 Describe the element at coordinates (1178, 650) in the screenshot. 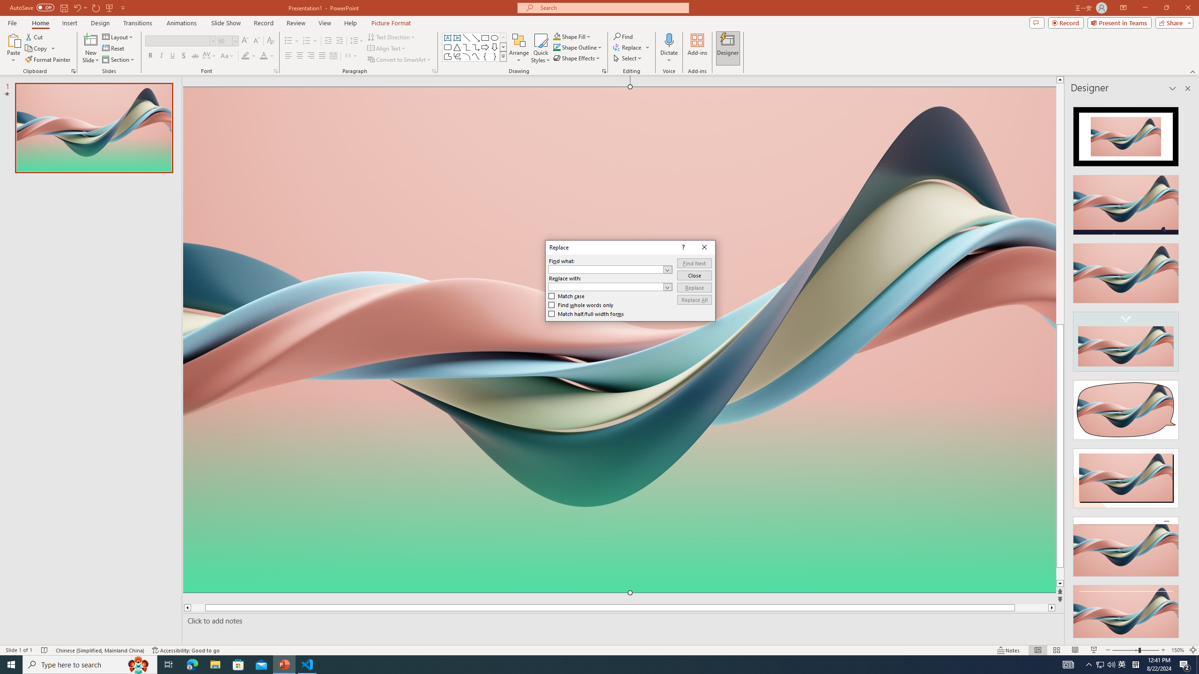

I see `'Zoom 150%'` at that location.